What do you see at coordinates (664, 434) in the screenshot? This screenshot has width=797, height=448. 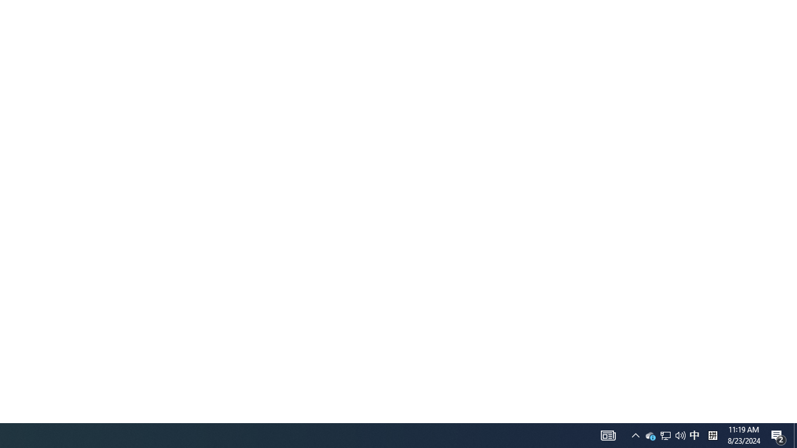 I see `'Q2790: 100%'` at bounding box center [664, 434].